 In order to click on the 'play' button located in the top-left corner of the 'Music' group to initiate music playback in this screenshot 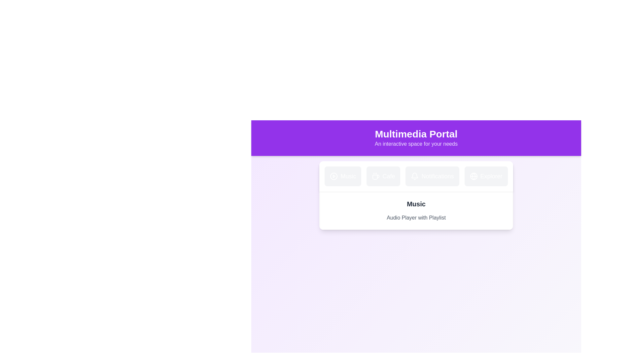, I will do `click(334, 176)`.